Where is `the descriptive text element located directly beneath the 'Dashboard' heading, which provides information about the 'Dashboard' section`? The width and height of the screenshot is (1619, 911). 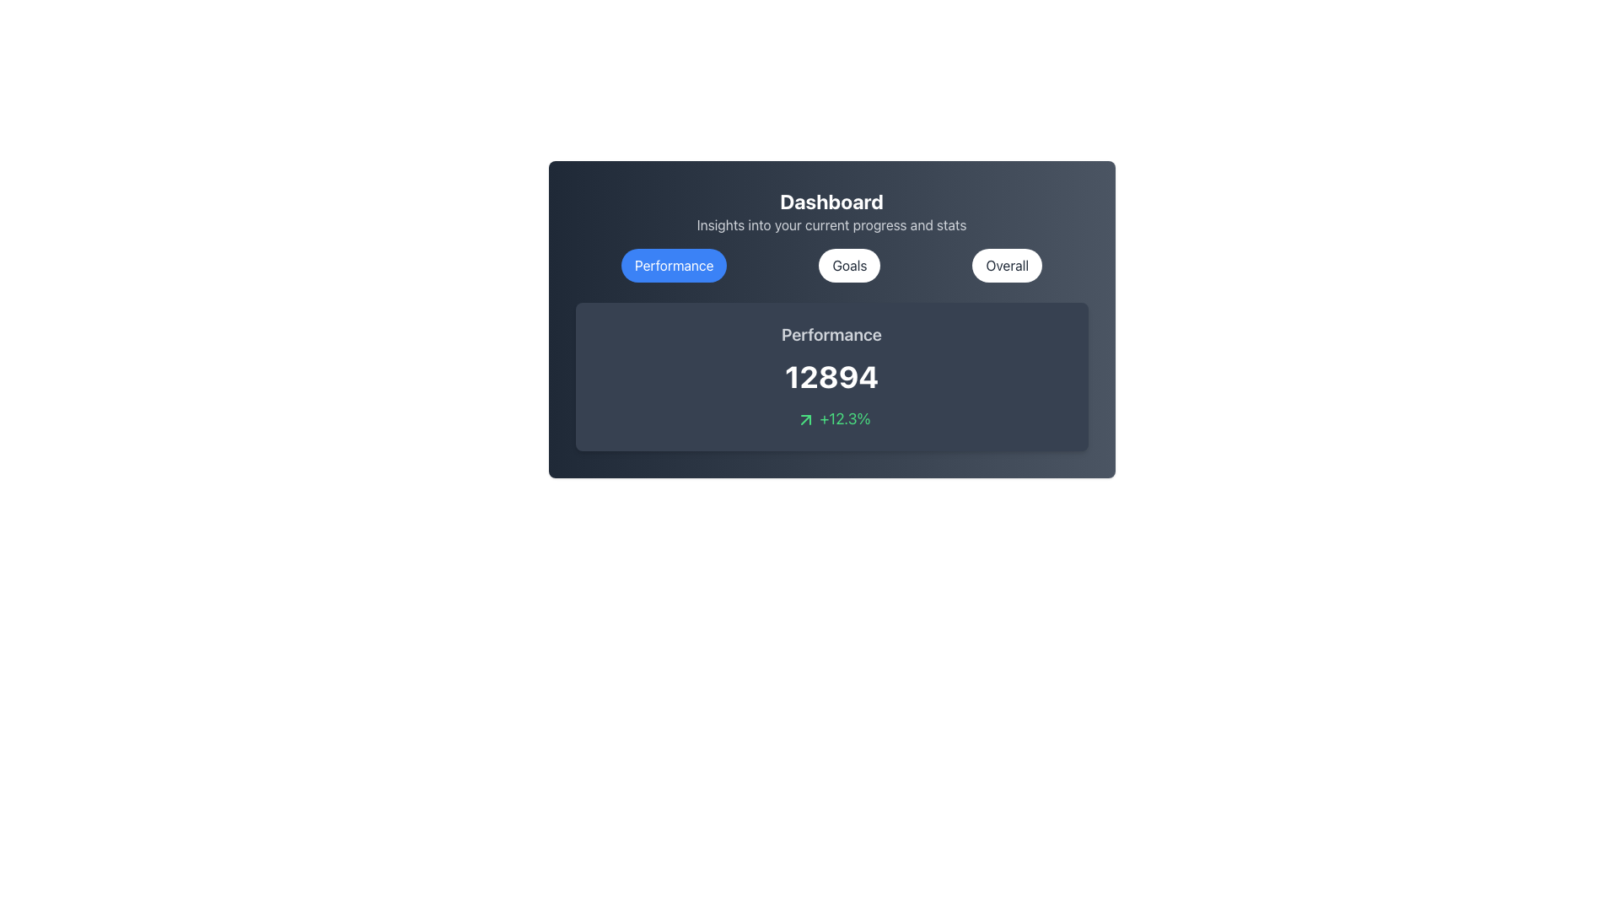
the descriptive text element located directly beneath the 'Dashboard' heading, which provides information about the 'Dashboard' section is located at coordinates (831, 224).